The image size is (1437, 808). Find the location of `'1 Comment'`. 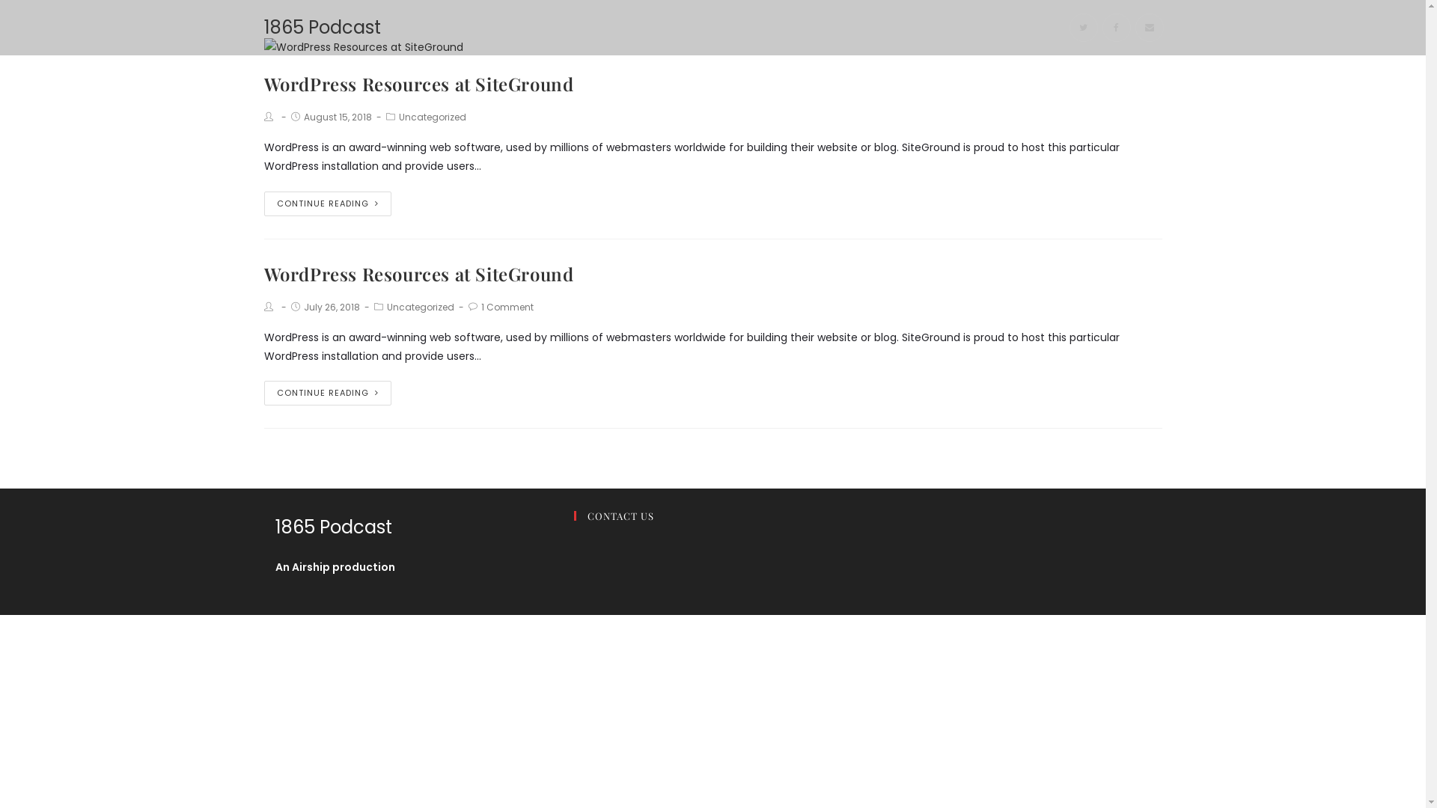

'1 Comment' is located at coordinates (506, 306).